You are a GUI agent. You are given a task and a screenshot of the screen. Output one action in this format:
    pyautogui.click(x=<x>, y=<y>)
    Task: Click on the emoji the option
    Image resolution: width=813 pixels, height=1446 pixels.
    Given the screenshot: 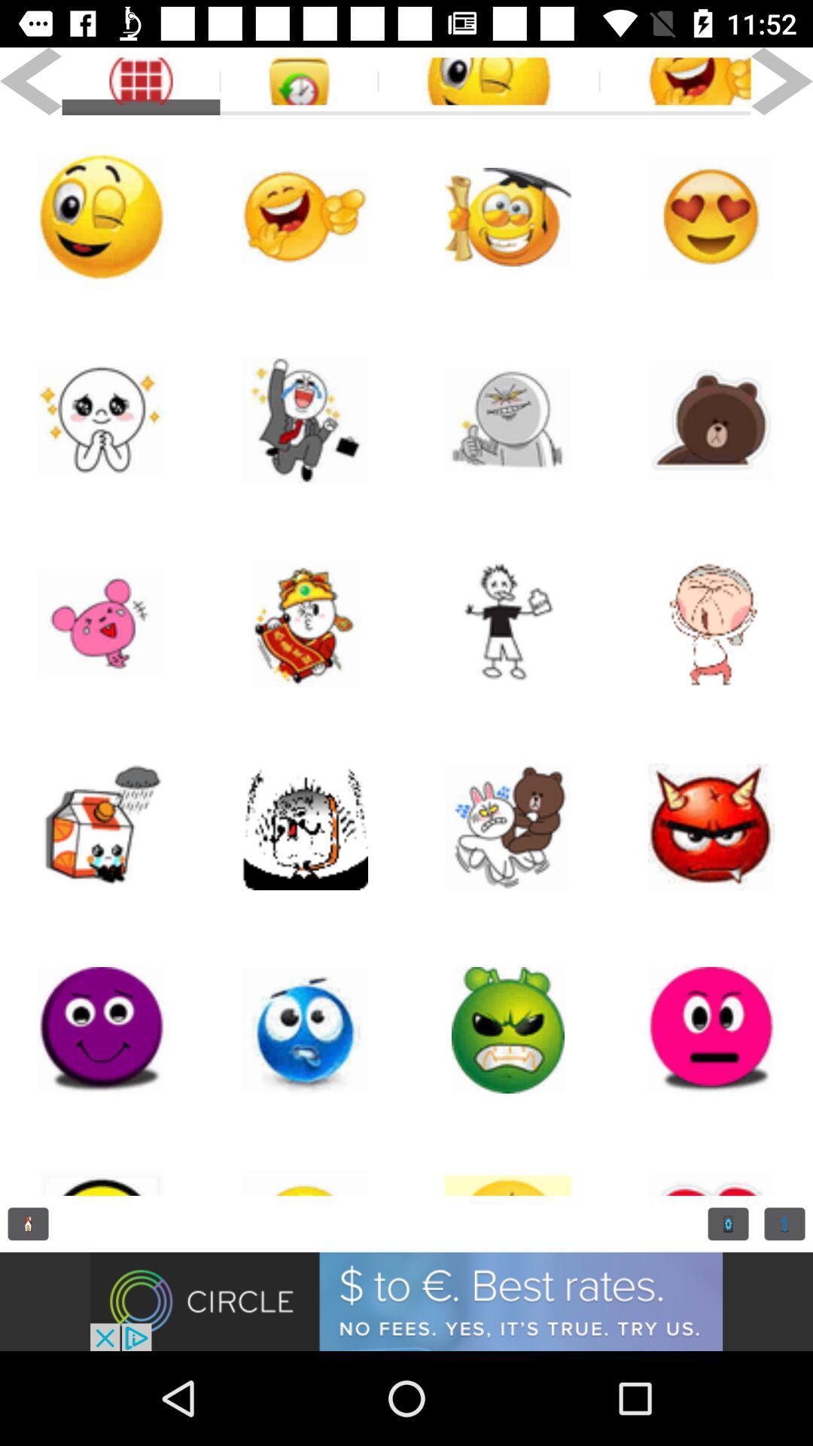 What is the action you would take?
    pyautogui.click(x=508, y=826)
    